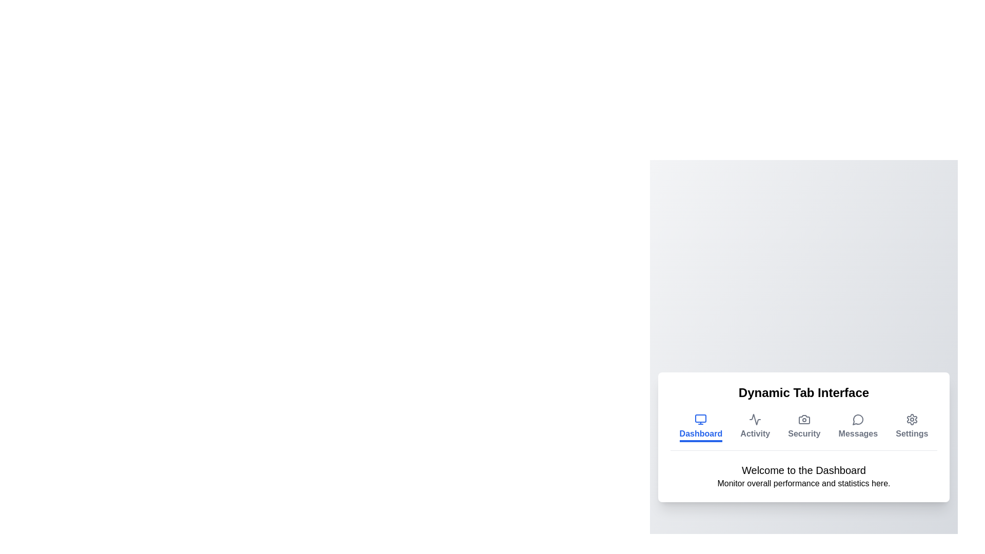 This screenshot has width=985, height=554. What do you see at coordinates (803, 437) in the screenshot?
I see `the 'Security' tab` at bounding box center [803, 437].